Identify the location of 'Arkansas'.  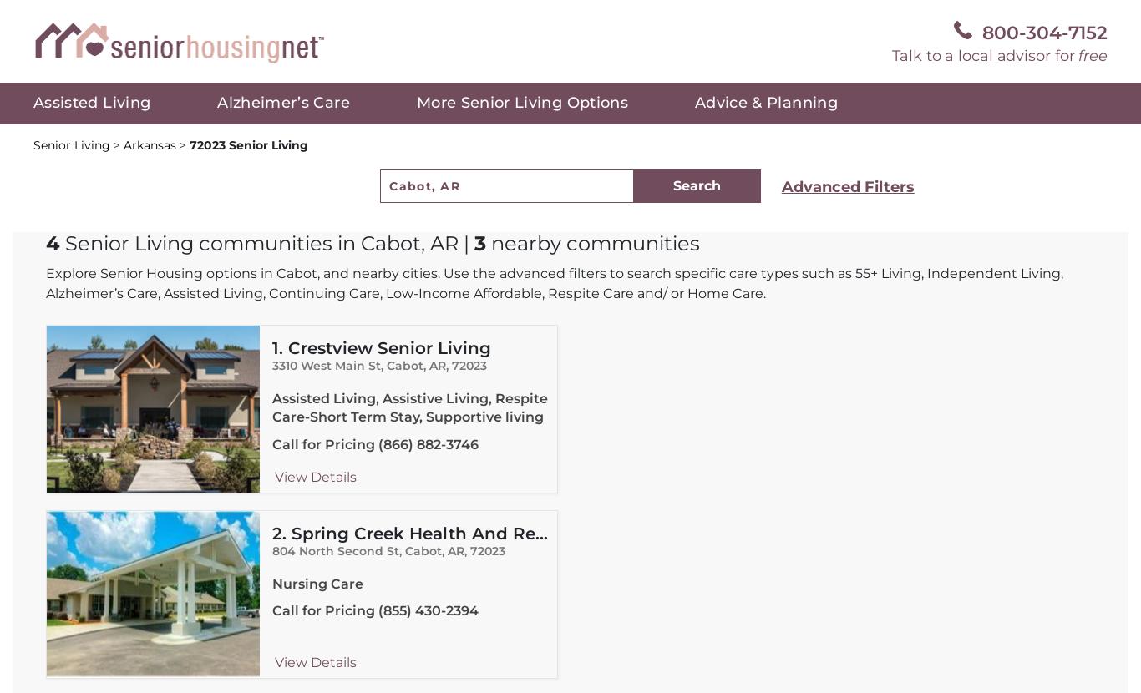
(150, 144).